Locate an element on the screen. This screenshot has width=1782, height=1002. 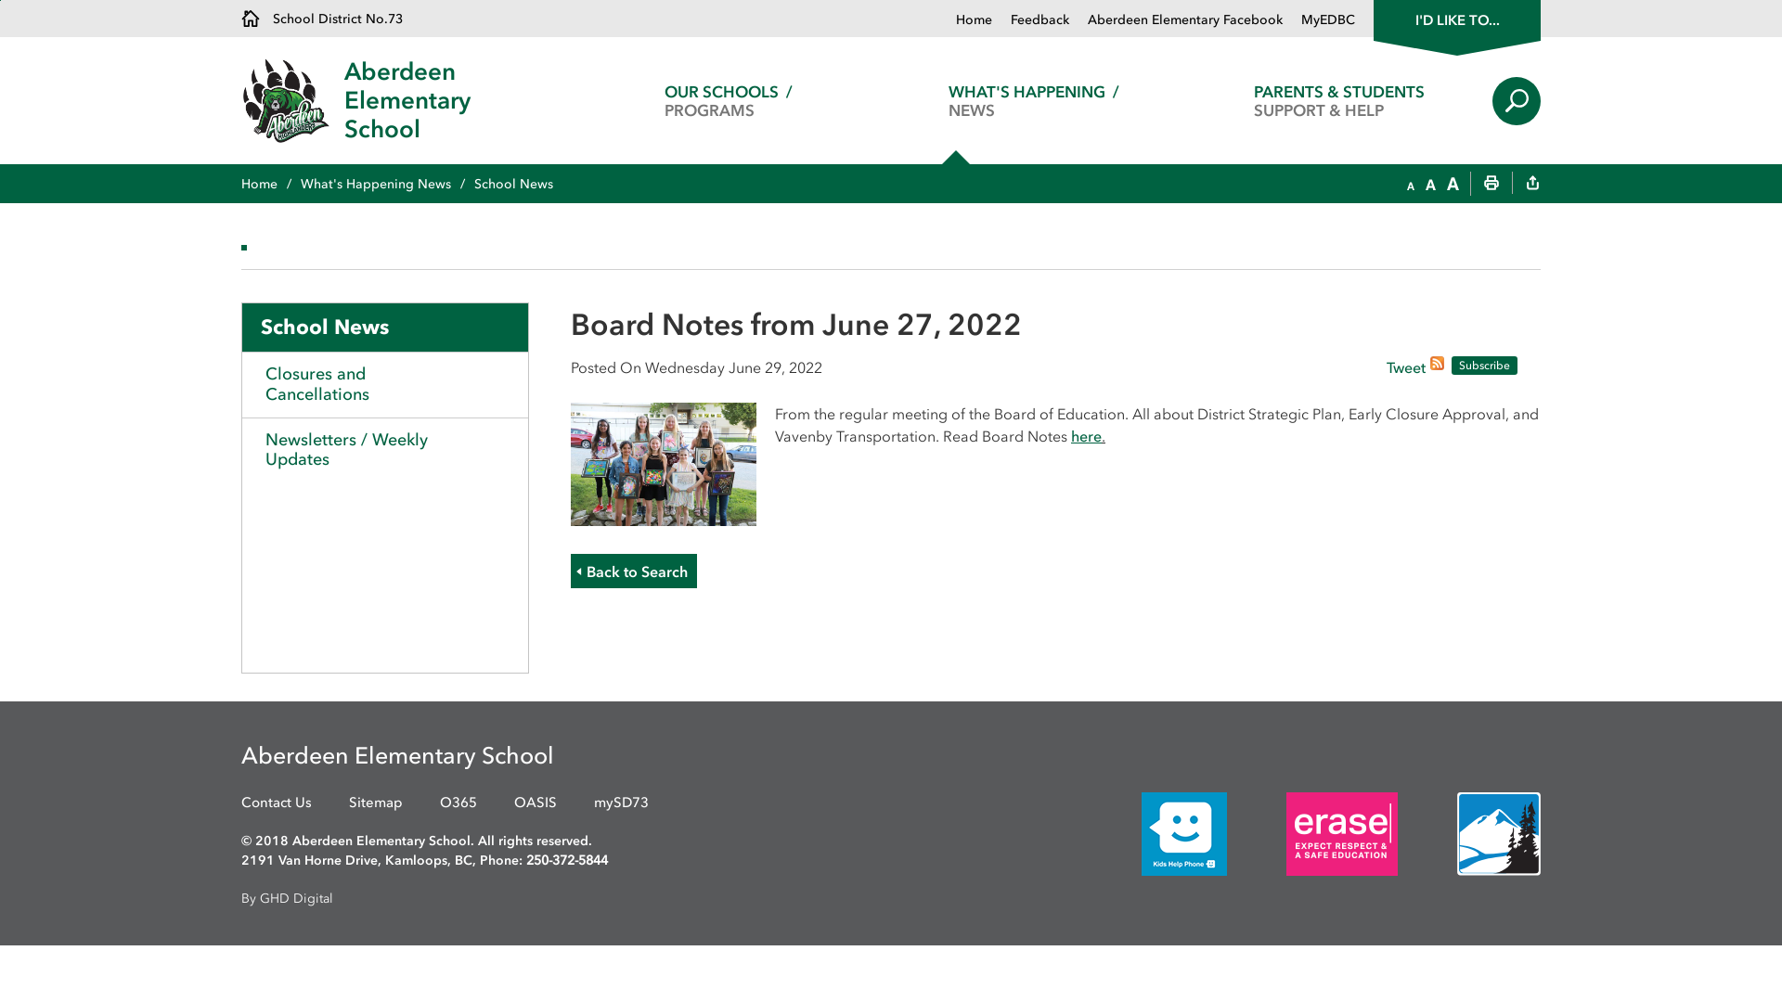
'Open new window to view Kids Help Phone' is located at coordinates (1156, 831).